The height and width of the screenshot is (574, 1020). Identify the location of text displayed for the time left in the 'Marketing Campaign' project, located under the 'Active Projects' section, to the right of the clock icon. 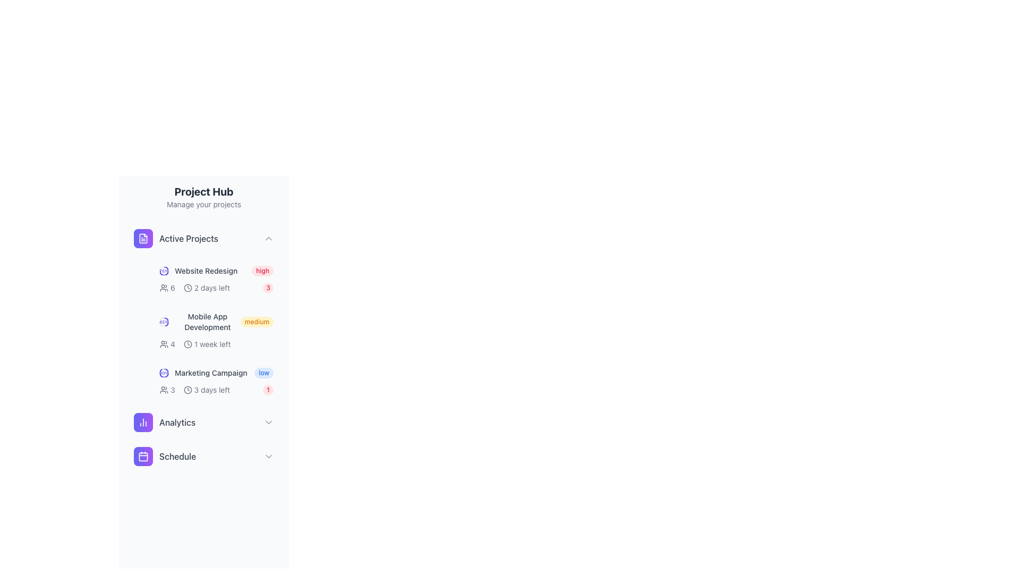
(212, 390).